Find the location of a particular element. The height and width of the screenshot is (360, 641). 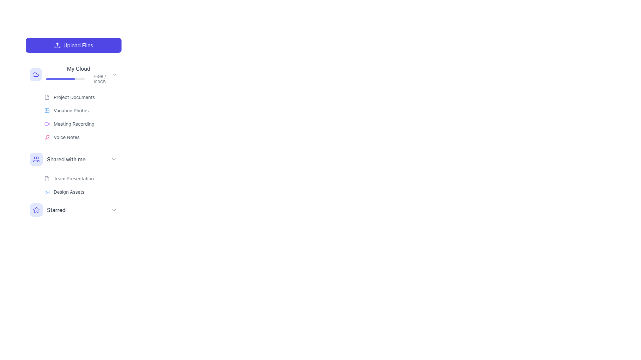

the list item labeled 'Vacation Photos' is located at coordinates (81, 117).